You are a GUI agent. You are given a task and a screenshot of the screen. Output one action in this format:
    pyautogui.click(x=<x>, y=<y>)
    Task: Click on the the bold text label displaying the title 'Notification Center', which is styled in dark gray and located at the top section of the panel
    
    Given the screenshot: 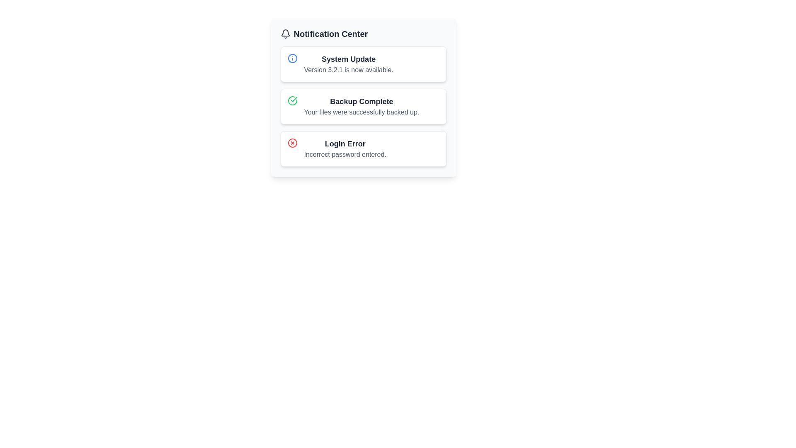 What is the action you would take?
    pyautogui.click(x=330, y=33)
    